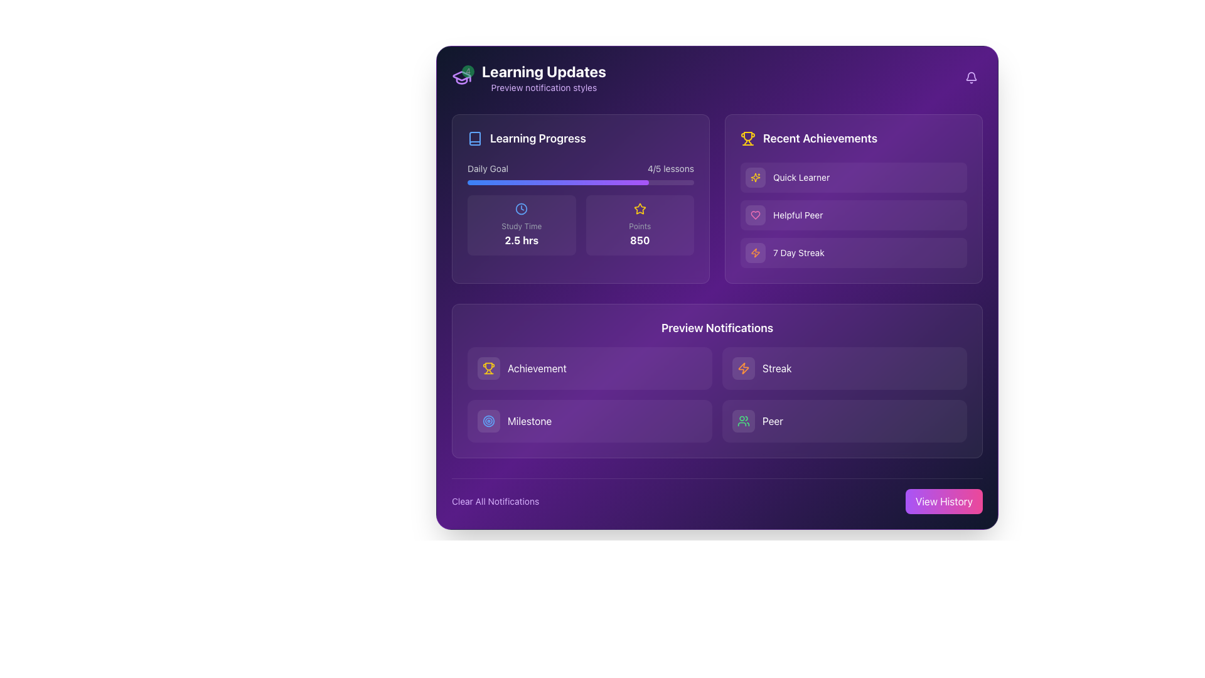  I want to click on the progress bar that visually represents progress towards a daily goal, located under the labels 'Daily Goal' and '4/5 lessons', so click(580, 182).